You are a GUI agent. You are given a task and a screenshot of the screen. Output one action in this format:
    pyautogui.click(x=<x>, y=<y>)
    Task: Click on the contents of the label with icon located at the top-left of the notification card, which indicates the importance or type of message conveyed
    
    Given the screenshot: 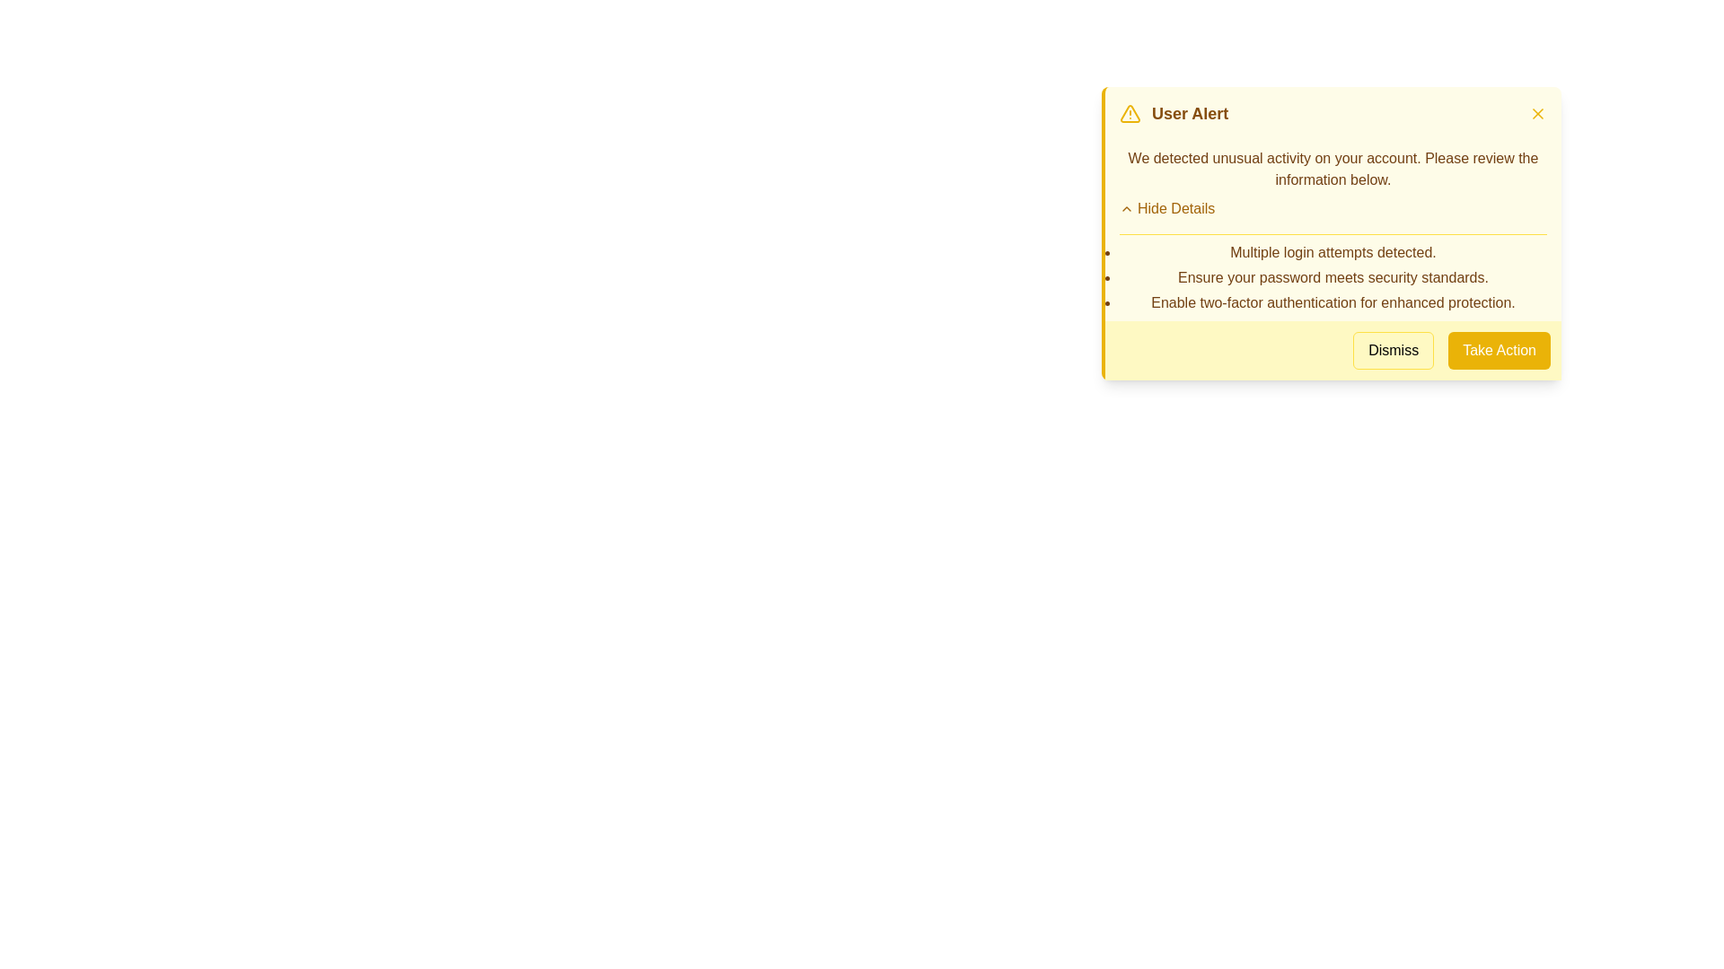 What is the action you would take?
    pyautogui.click(x=1174, y=114)
    